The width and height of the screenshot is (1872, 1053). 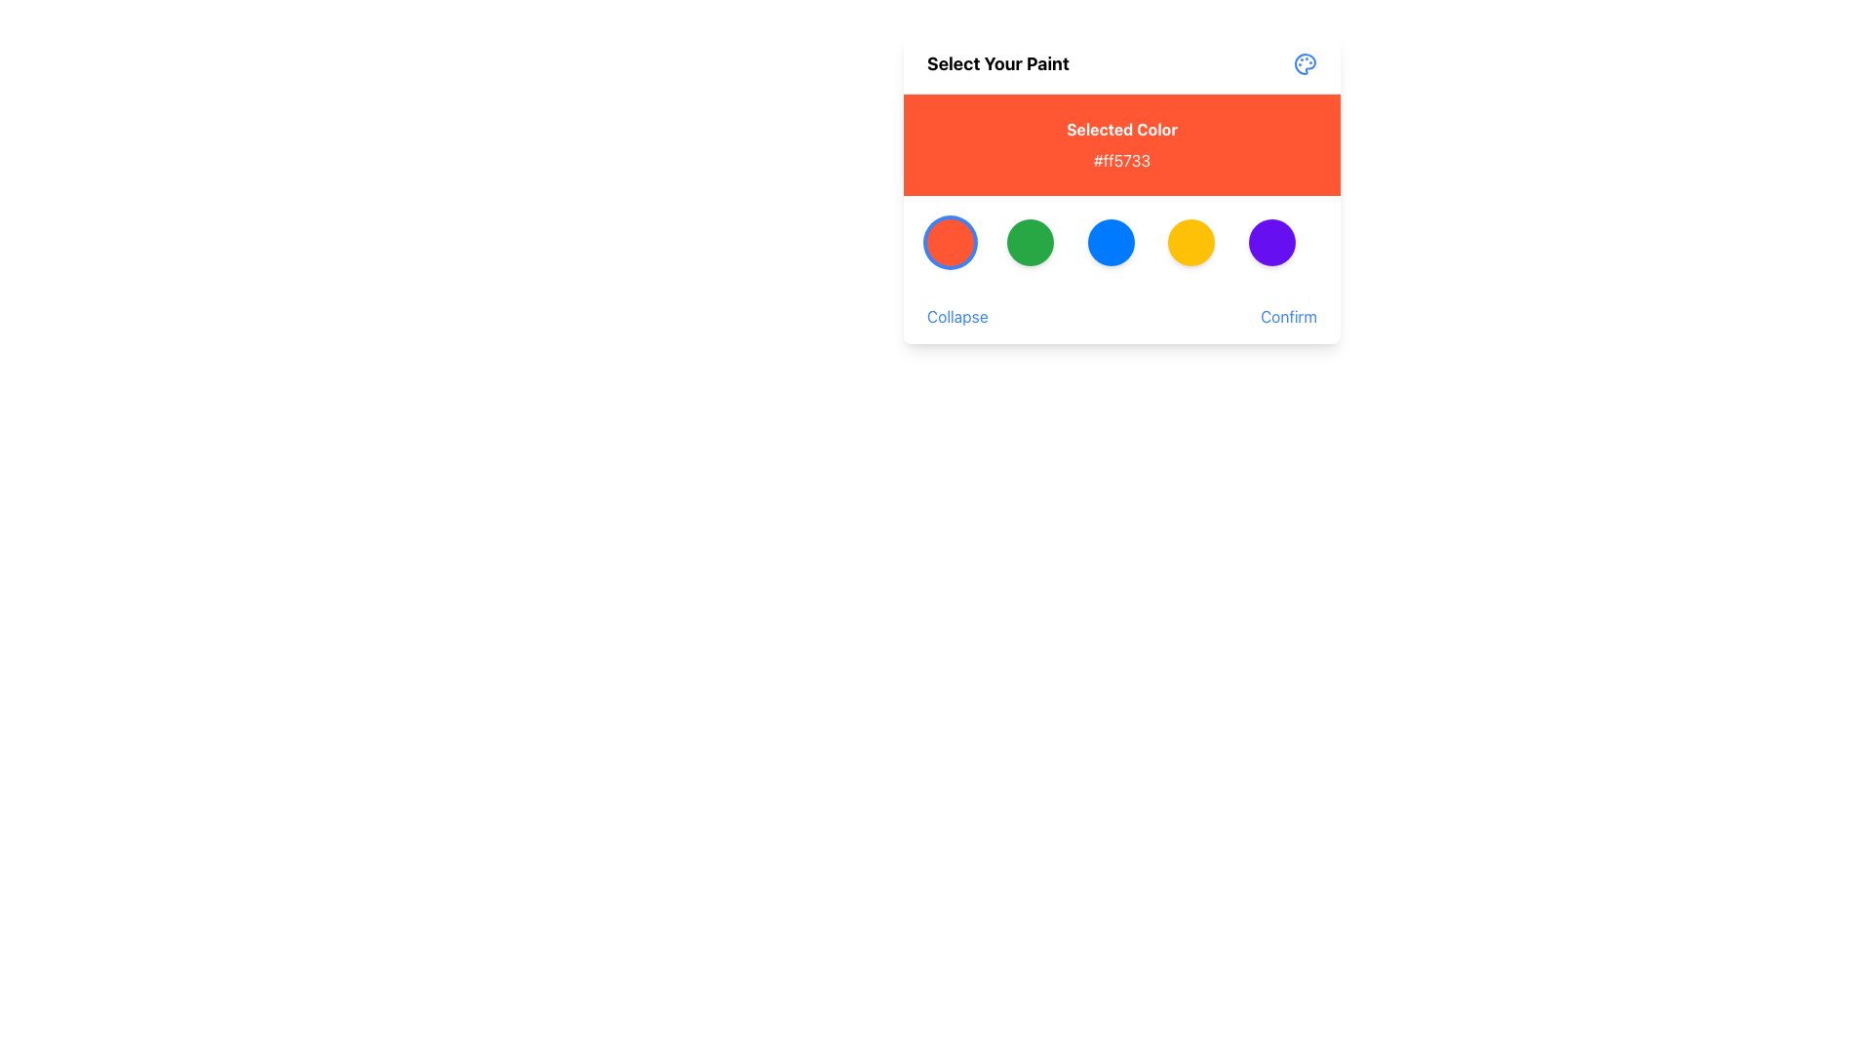 I want to click on the blue circular icon in the 'Select Your Paint' section, so click(x=1122, y=242).